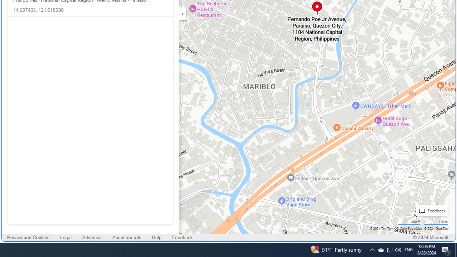  I want to click on 'Advertise', so click(91, 238).